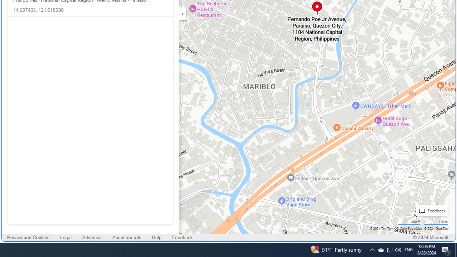  I want to click on 'Advertise', so click(91, 238).